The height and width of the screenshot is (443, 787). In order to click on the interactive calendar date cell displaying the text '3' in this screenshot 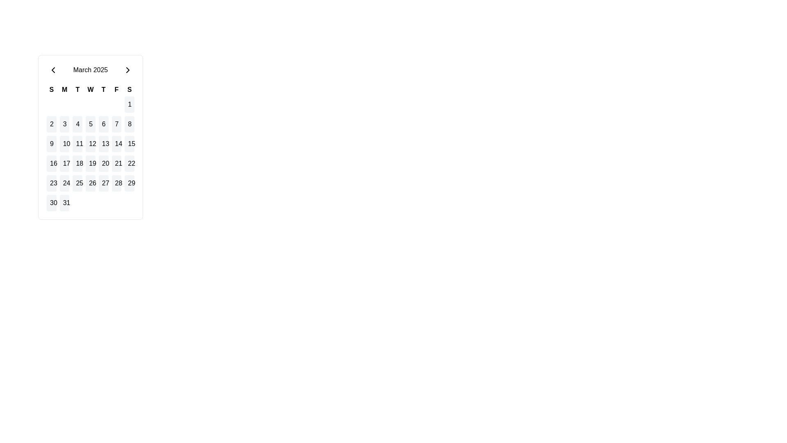, I will do `click(64, 124)`.